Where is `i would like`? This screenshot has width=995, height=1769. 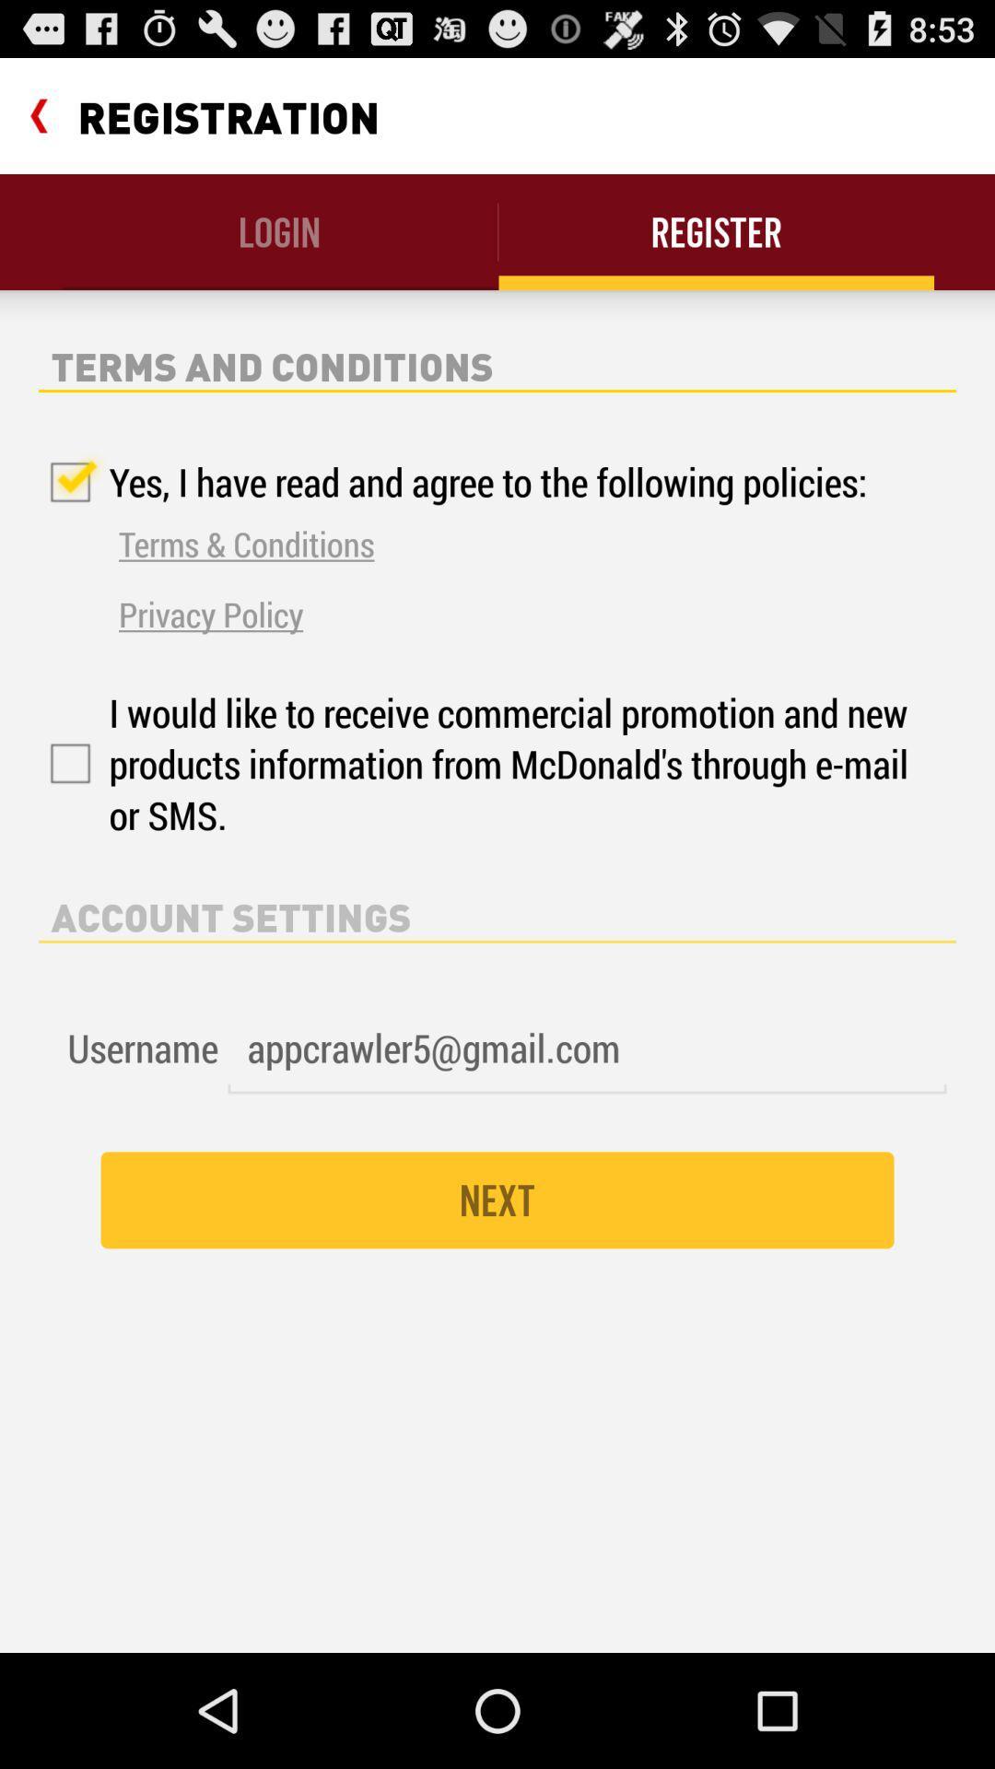
i would like is located at coordinates (477, 764).